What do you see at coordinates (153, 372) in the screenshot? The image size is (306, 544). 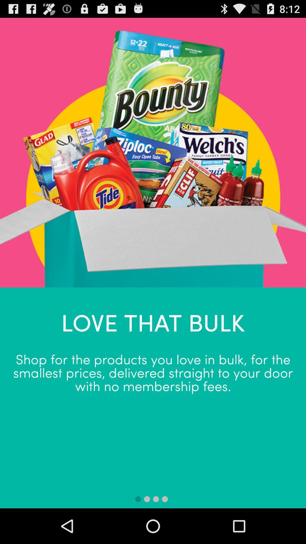 I see `the item below love that bulk` at bounding box center [153, 372].